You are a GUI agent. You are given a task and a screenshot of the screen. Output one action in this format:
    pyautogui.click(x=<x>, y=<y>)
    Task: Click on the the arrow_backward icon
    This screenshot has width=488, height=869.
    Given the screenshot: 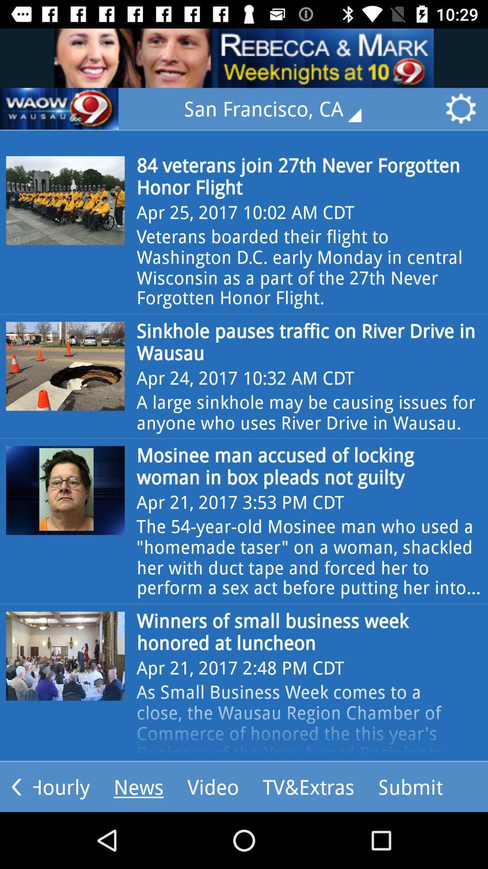 What is the action you would take?
    pyautogui.click(x=16, y=786)
    